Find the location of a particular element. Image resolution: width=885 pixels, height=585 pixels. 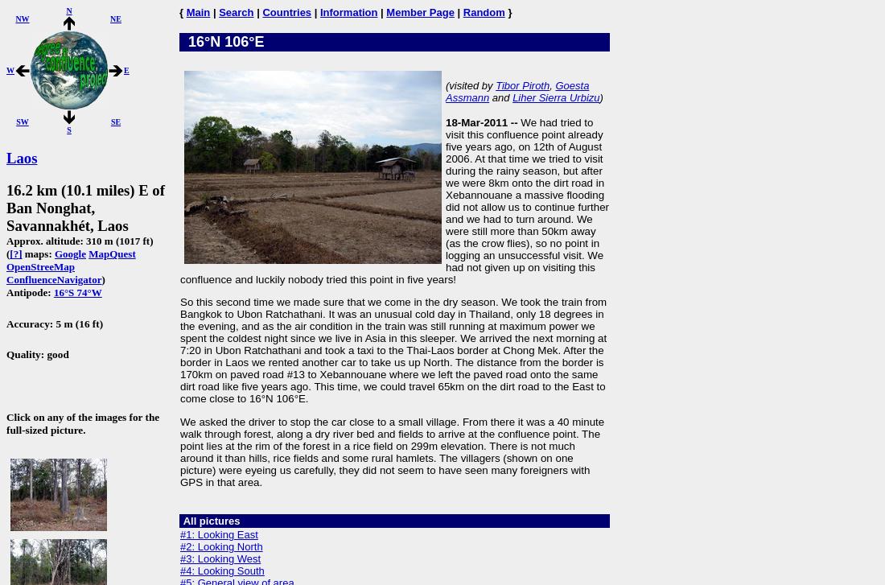

'Approx. altitude: 310 m
                         (1017 ft)' is located at coordinates (80, 241).